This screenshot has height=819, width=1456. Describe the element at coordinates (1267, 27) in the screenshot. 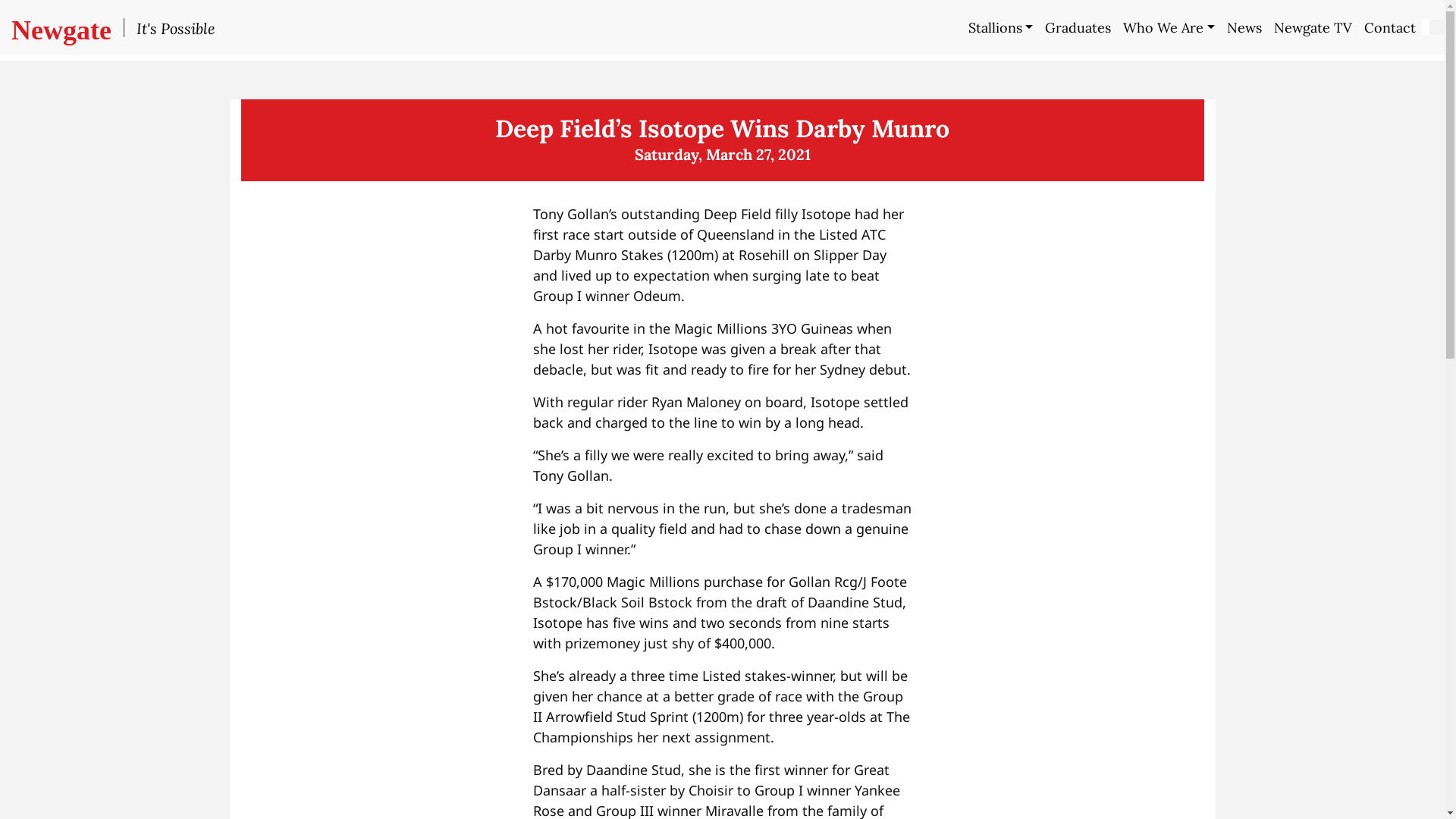

I see `'Newgate TV'` at that location.